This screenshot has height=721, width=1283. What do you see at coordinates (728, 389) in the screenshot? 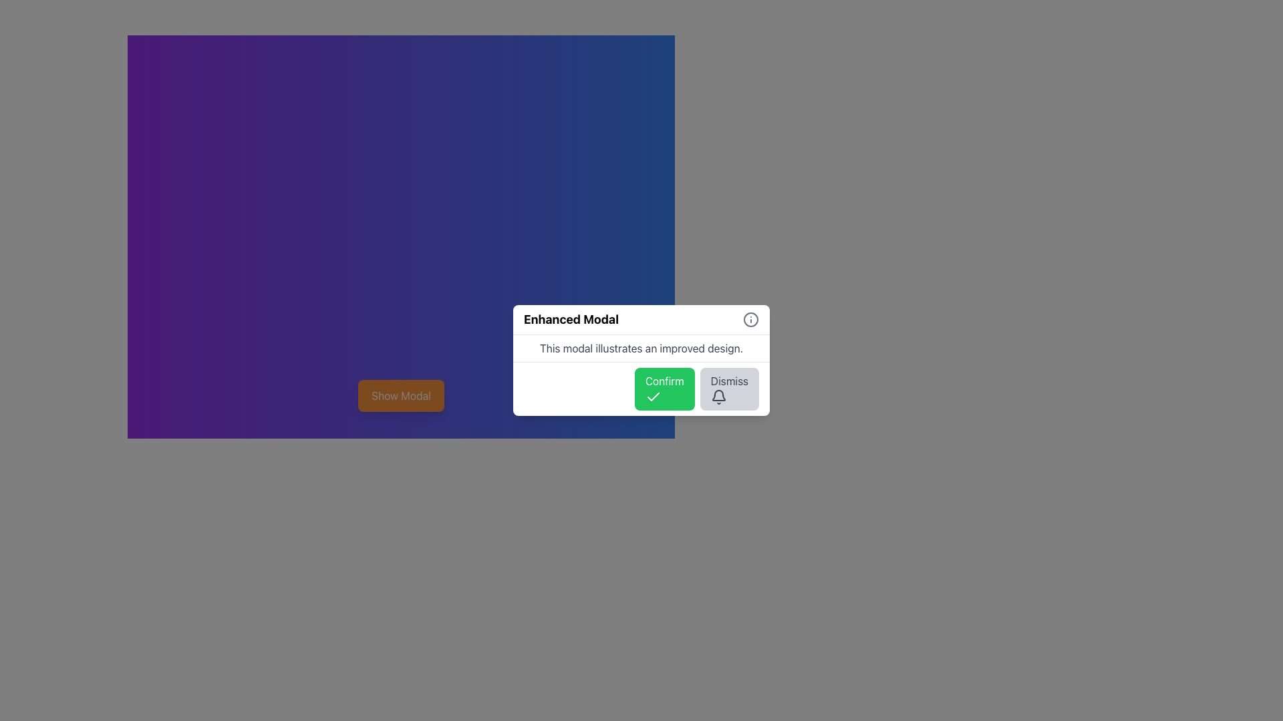
I see `the 'Dismiss' button located in the bottom-right corner of the modal interface` at bounding box center [728, 389].